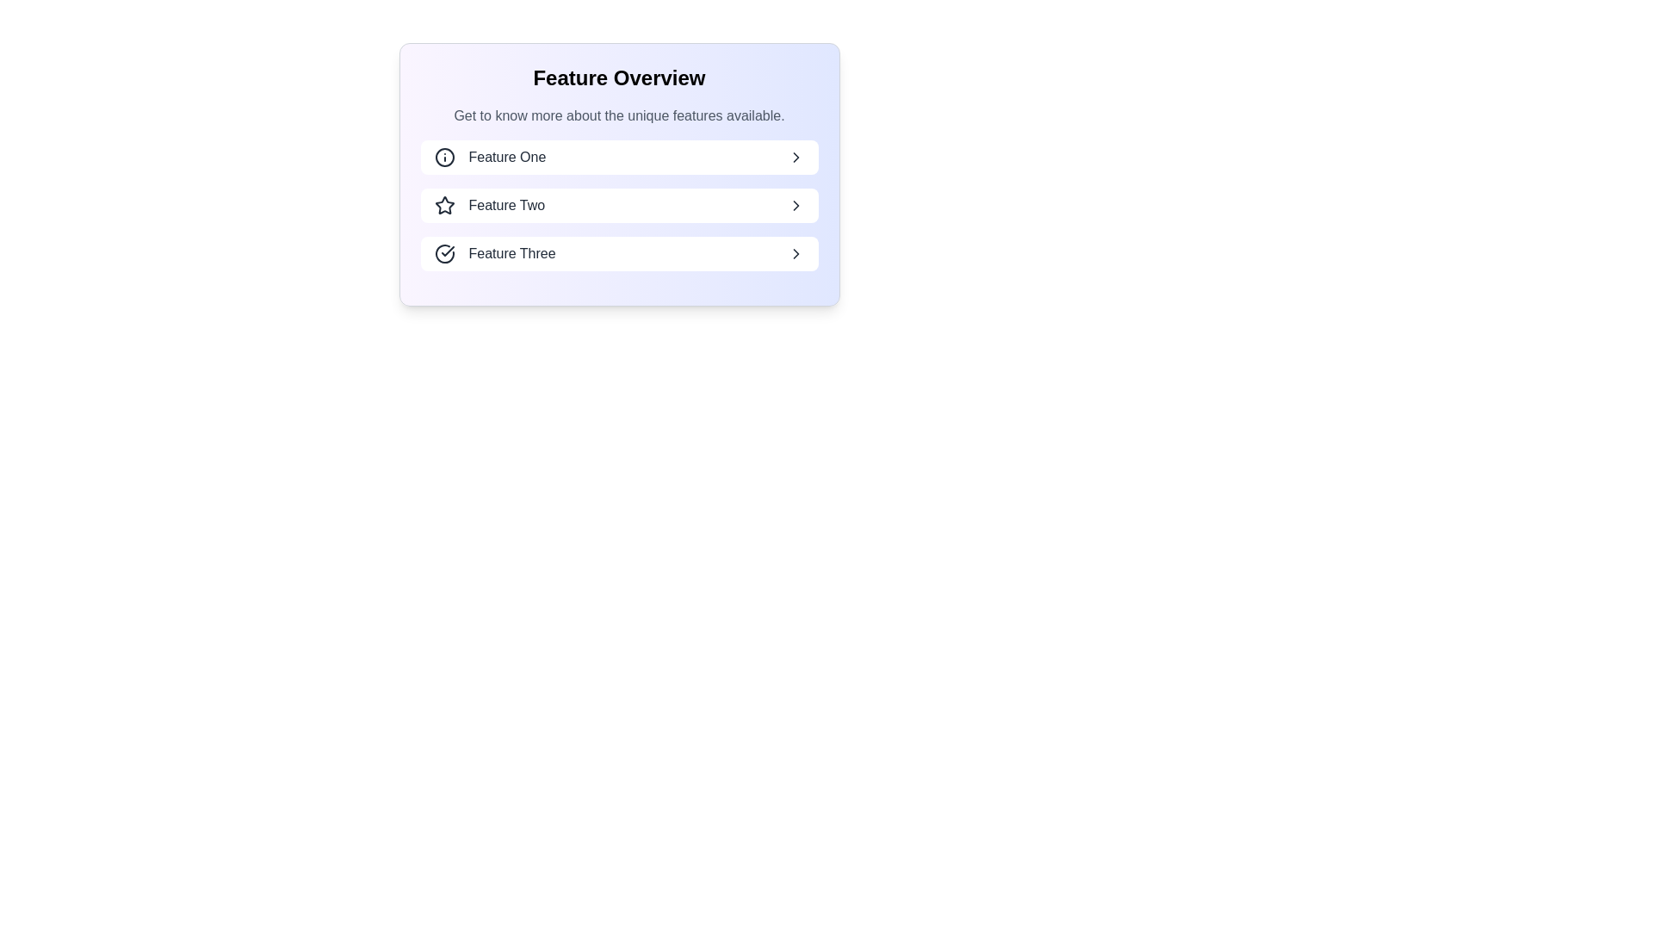 The height and width of the screenshot is (930, 1653). Describe the element at coordinates (444, 204) in the screenshot. I see `the star icon located in the second row of the vertical list of features, which is positioned to the left of 'Feature Two'` at that location.